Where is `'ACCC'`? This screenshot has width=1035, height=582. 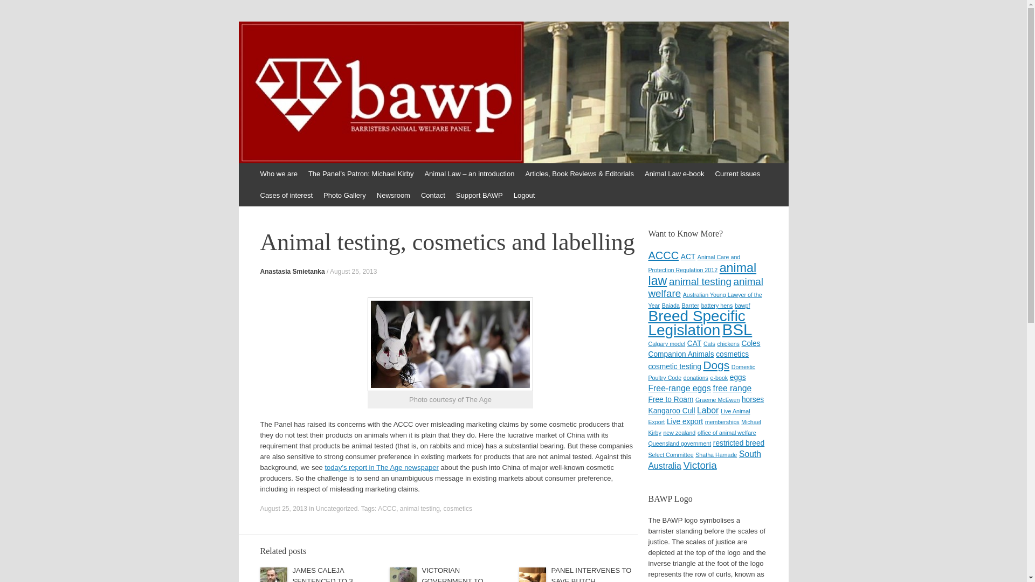
'ACCC' is located at coordinates (663, 255).